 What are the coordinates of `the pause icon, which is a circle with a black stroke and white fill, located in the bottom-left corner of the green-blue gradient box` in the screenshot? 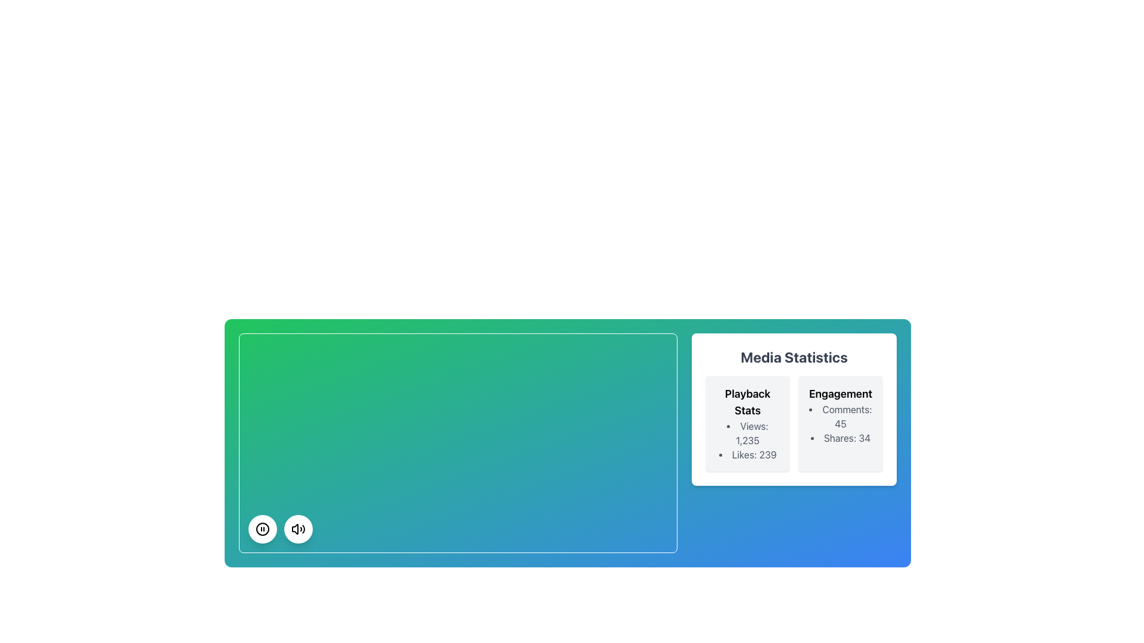 It's located at (262, 528).